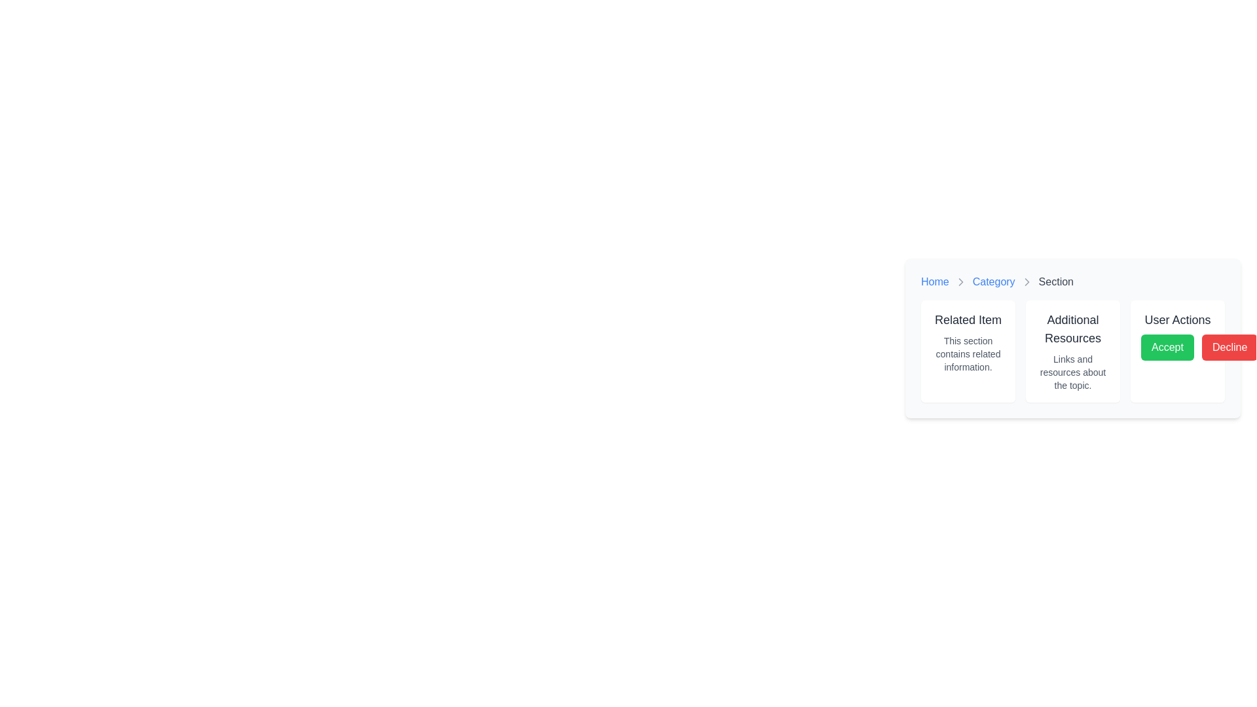 Image resolution: width=1257 pixels, height=707 pixels. I want to click on the 'User Actions' text label, which is styled with a bold font and located at the top center of a card above the 'Accept' and 'Decline' buttons, so click(1178, 320).